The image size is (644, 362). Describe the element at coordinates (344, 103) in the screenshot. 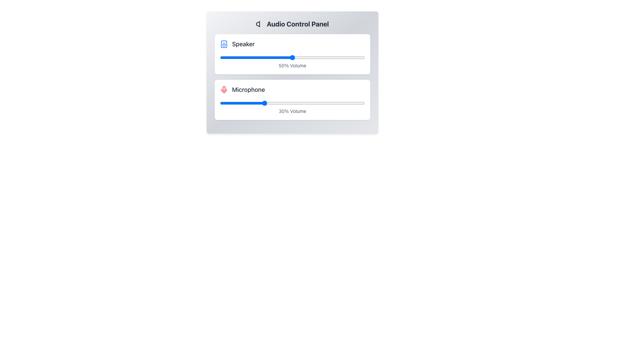

I see `the microphone volume` at that location.